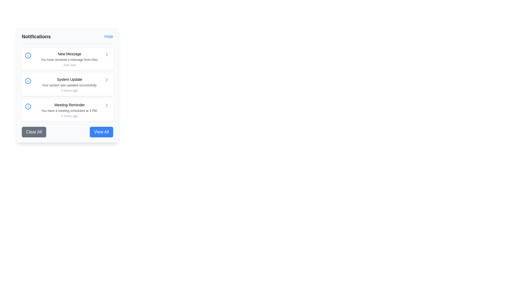  Describe the element at coordinates (107, 80) in the screenshot. I see `the rightward-pointing chevron icon located in the middle of the right edge of the 'System Update' notification entry` at that location.